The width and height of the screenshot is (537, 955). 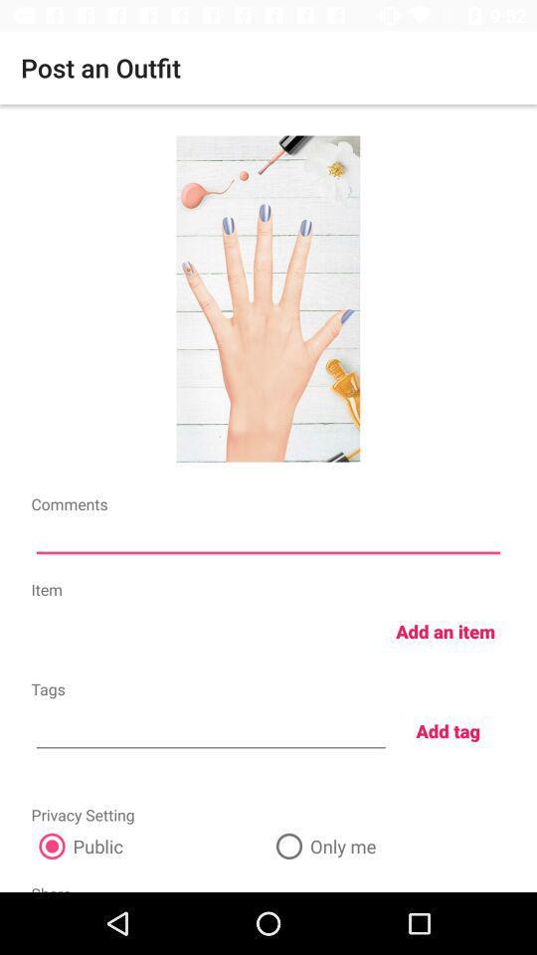 I want to click on item below add an item item, so click(x=447, y=729).